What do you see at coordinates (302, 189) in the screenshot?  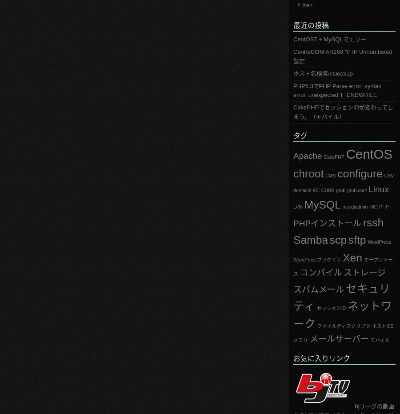 I see `'domain0'` at bounding box center [302, 189].